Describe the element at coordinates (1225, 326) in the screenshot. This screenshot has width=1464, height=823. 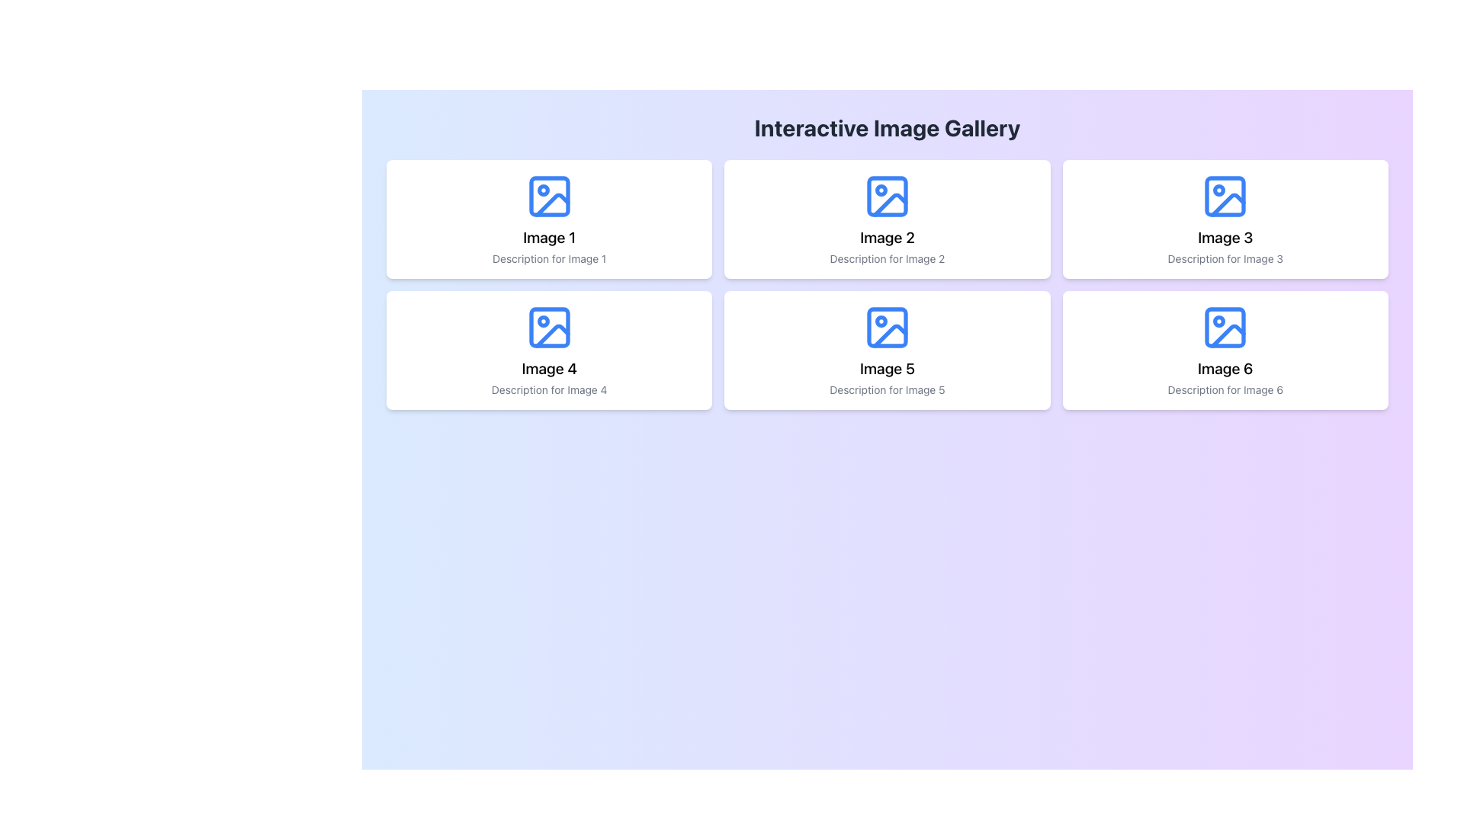
I see `the SVG-based icon representing an image in blue color with outlined shapes, located in the second row, third column of the interactive image gallery grid, above 'Description for Image 6'` at that location.